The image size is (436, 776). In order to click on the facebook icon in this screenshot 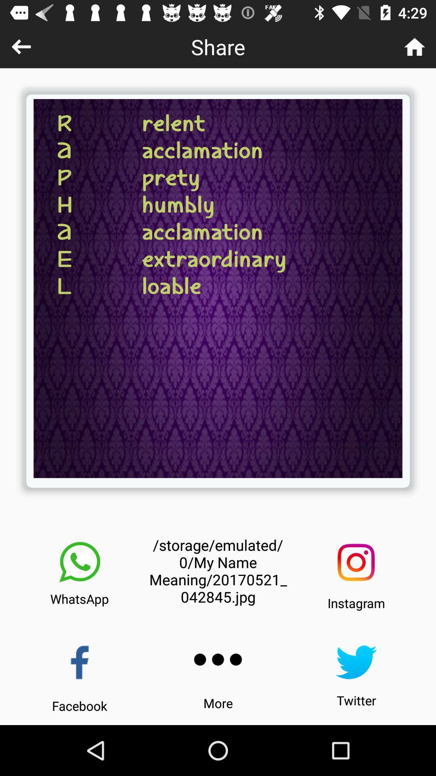, I will do `click(80, 662)`.